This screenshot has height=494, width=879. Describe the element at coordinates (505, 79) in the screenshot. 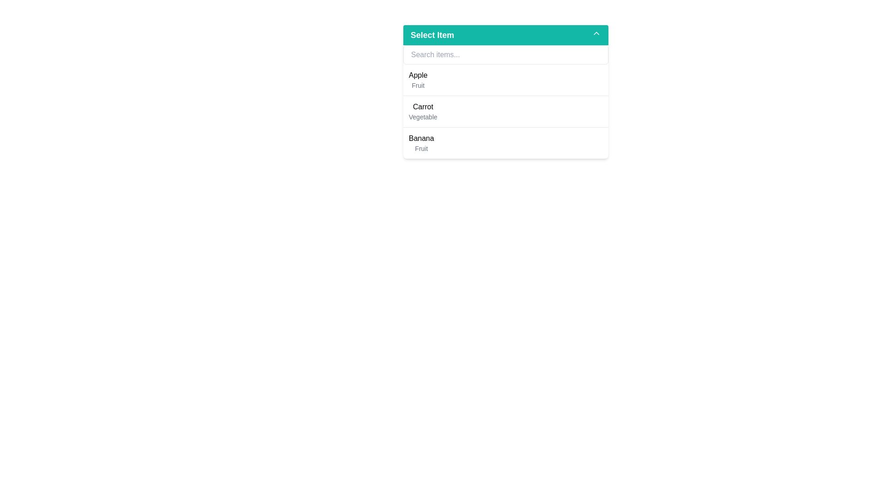

I see `the first list item labeled 'Apple'` at that location.